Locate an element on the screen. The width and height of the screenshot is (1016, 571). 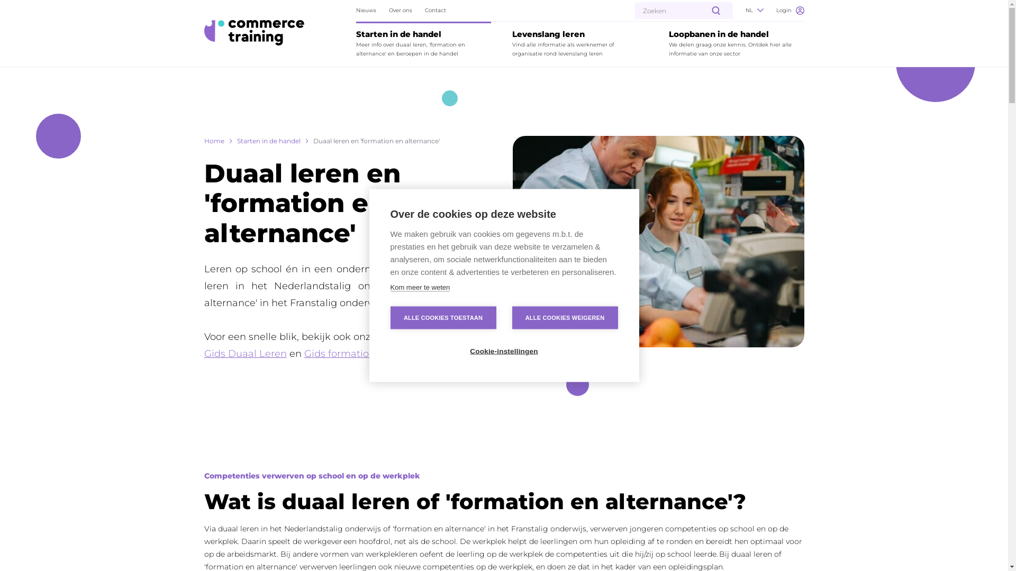
'Kom meer te weten' is located at coordinates (390, 287).